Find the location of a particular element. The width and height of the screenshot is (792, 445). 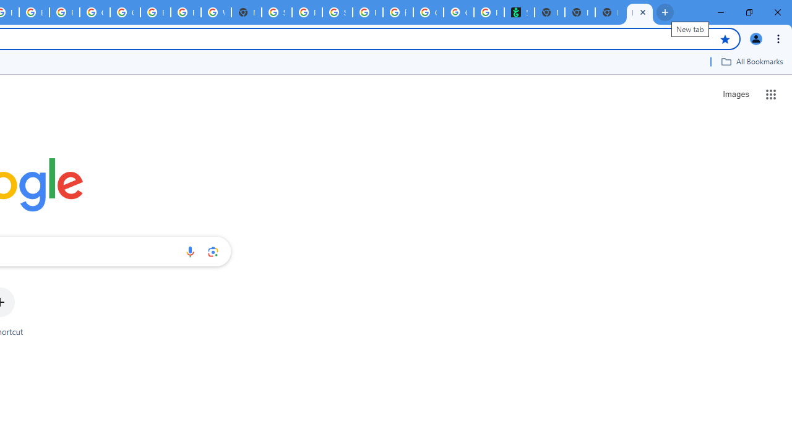

'Search by voice' is located at coordinates (189, 251).